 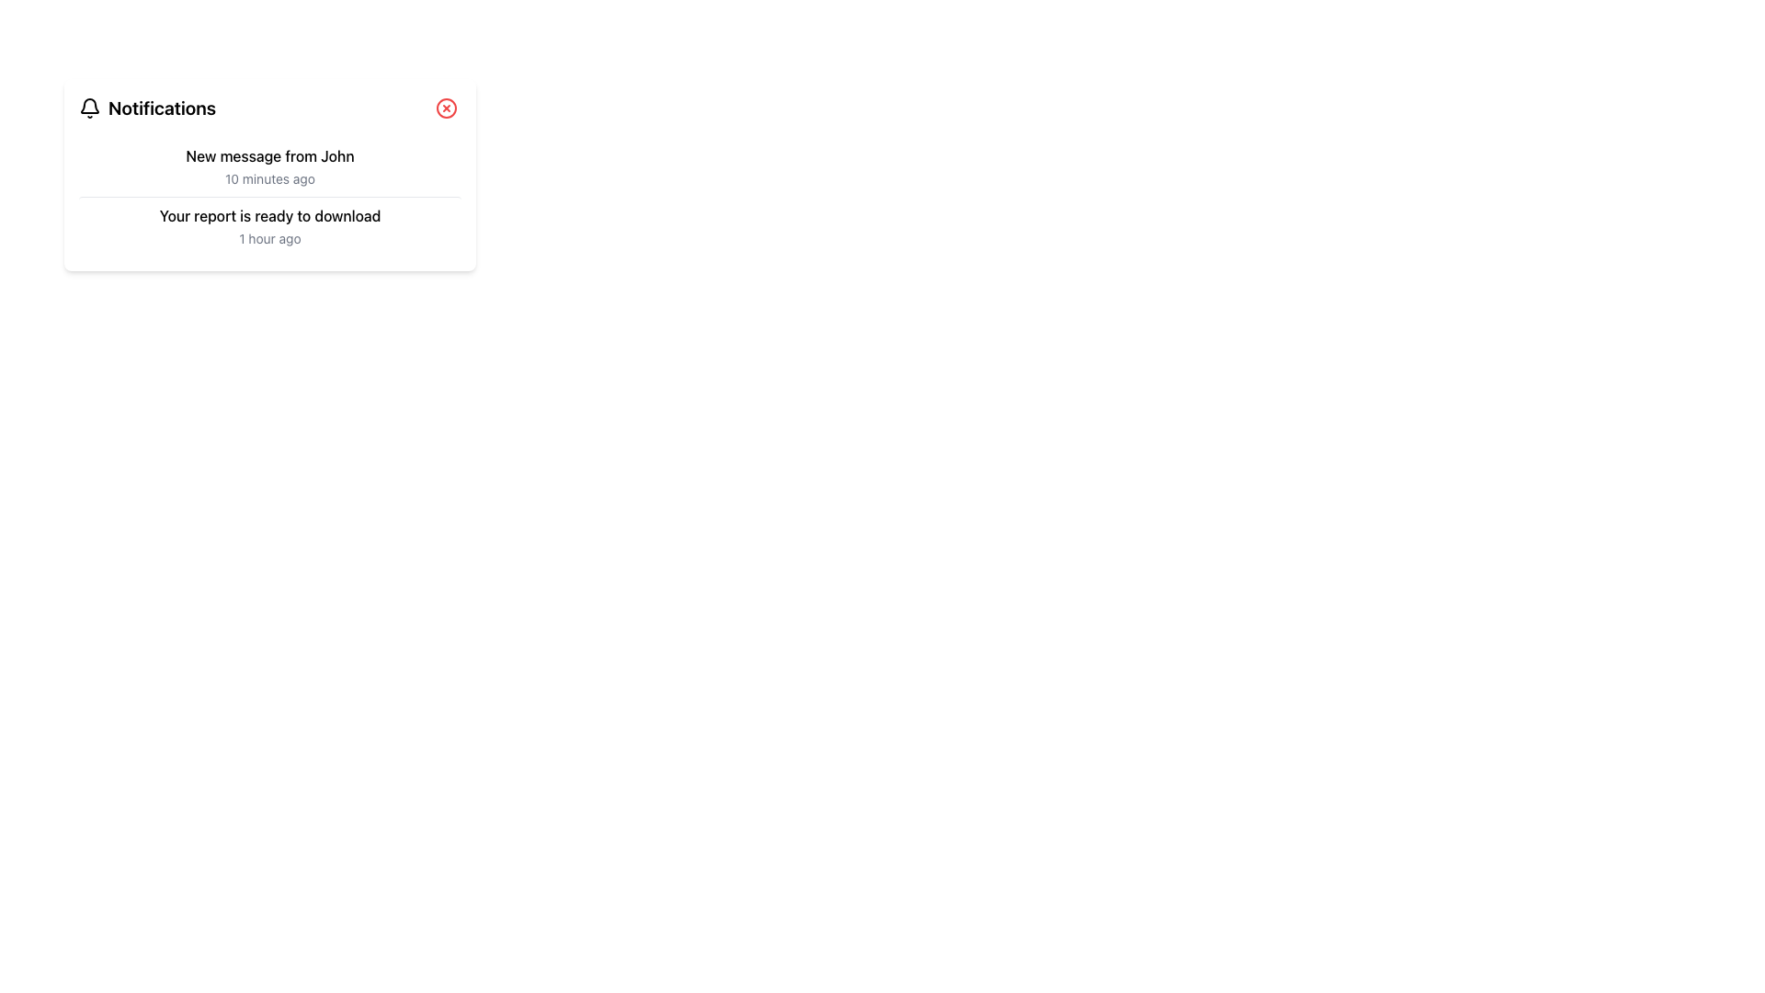 I want to click on the close icon located in the top-right corner of the notification card labeled 'Notifications', so click(x=446, y=108).